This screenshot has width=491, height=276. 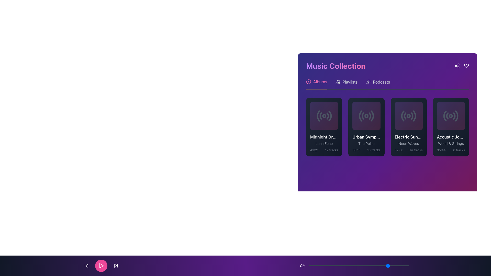 I want to click on the play/pause button, so click(x=101, y=266).